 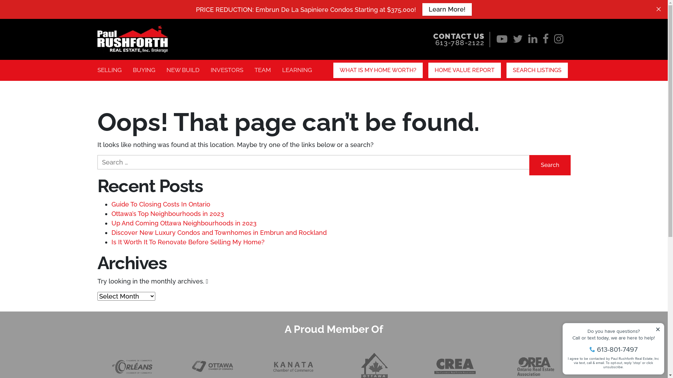 I want to click on 'SELLING', so click(x=109, y=70).